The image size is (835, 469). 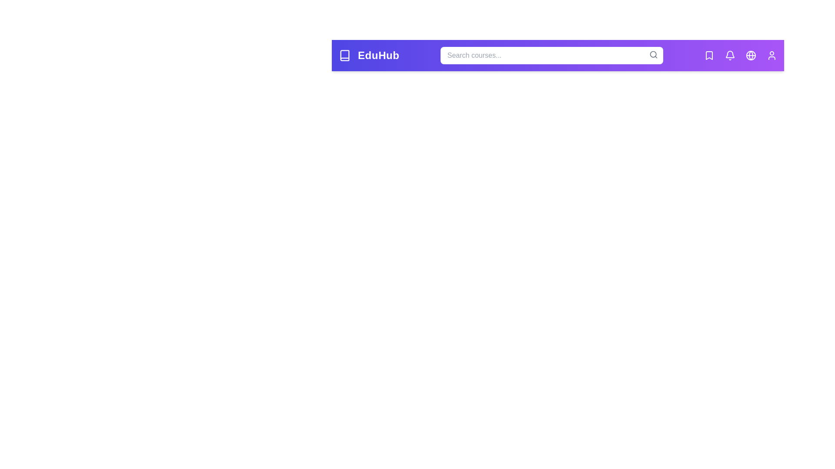 I want to click on the 'Languages' icon to open the language selection menu, so click(x=751, y=55).